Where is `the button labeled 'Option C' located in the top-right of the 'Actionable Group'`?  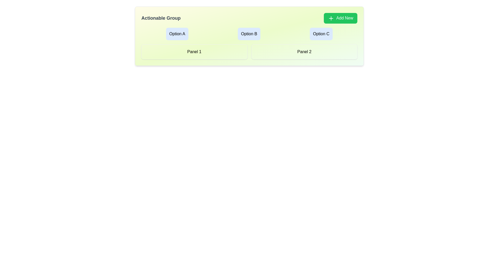 the button labeled 'Option C' located in the top-right of the 'Actionable Group' is located at coordinates (321, 34).